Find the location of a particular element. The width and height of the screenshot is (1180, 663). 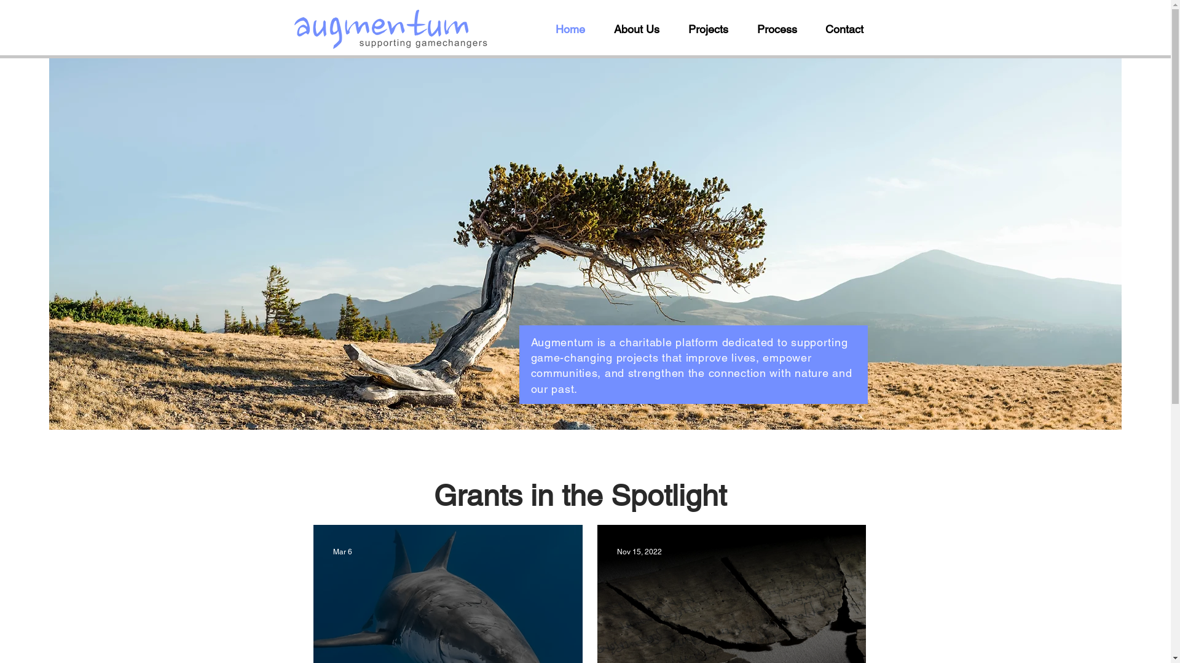

'Contact' is located at coordinates (849, 28).